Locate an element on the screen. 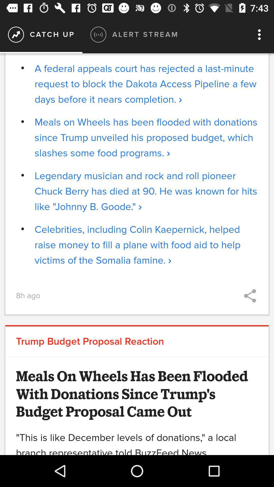 The width and height of the screenshot is (274, 487). a federal appeals is located at coordinates (146, 84).